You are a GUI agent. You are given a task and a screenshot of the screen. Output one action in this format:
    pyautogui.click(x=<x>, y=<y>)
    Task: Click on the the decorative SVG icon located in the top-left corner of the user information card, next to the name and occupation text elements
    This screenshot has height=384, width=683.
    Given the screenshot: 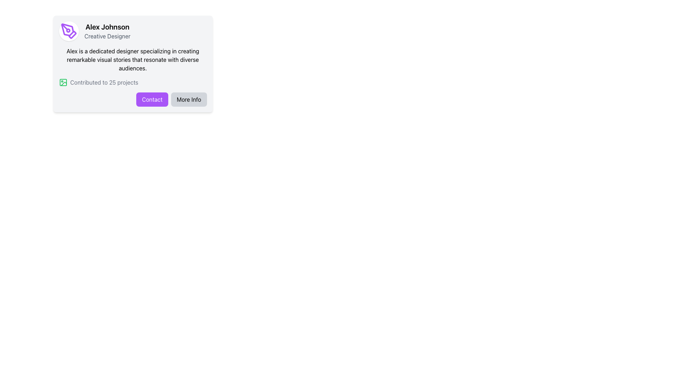 What is the action you would take?
    pyautogui.click(x=69, y=31)
    